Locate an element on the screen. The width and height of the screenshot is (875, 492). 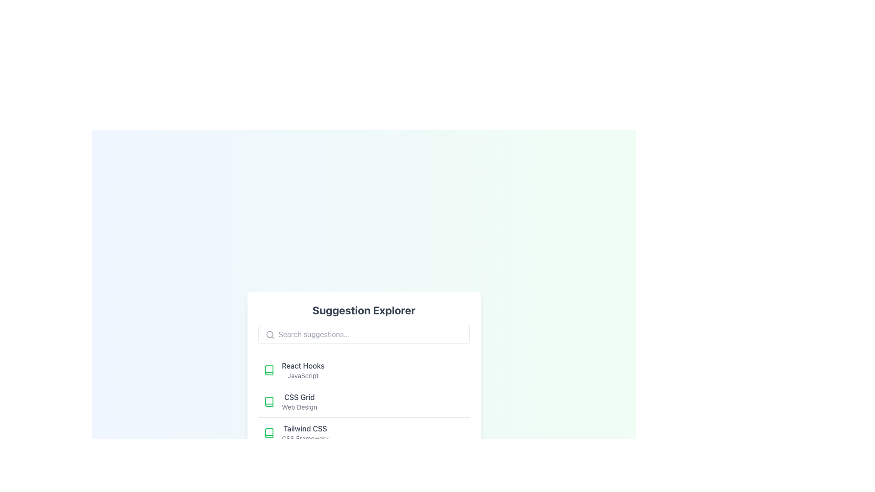
the book icon with a green outline located to the left of the 'CSS Grid' text is located at coordinates (268, 401).